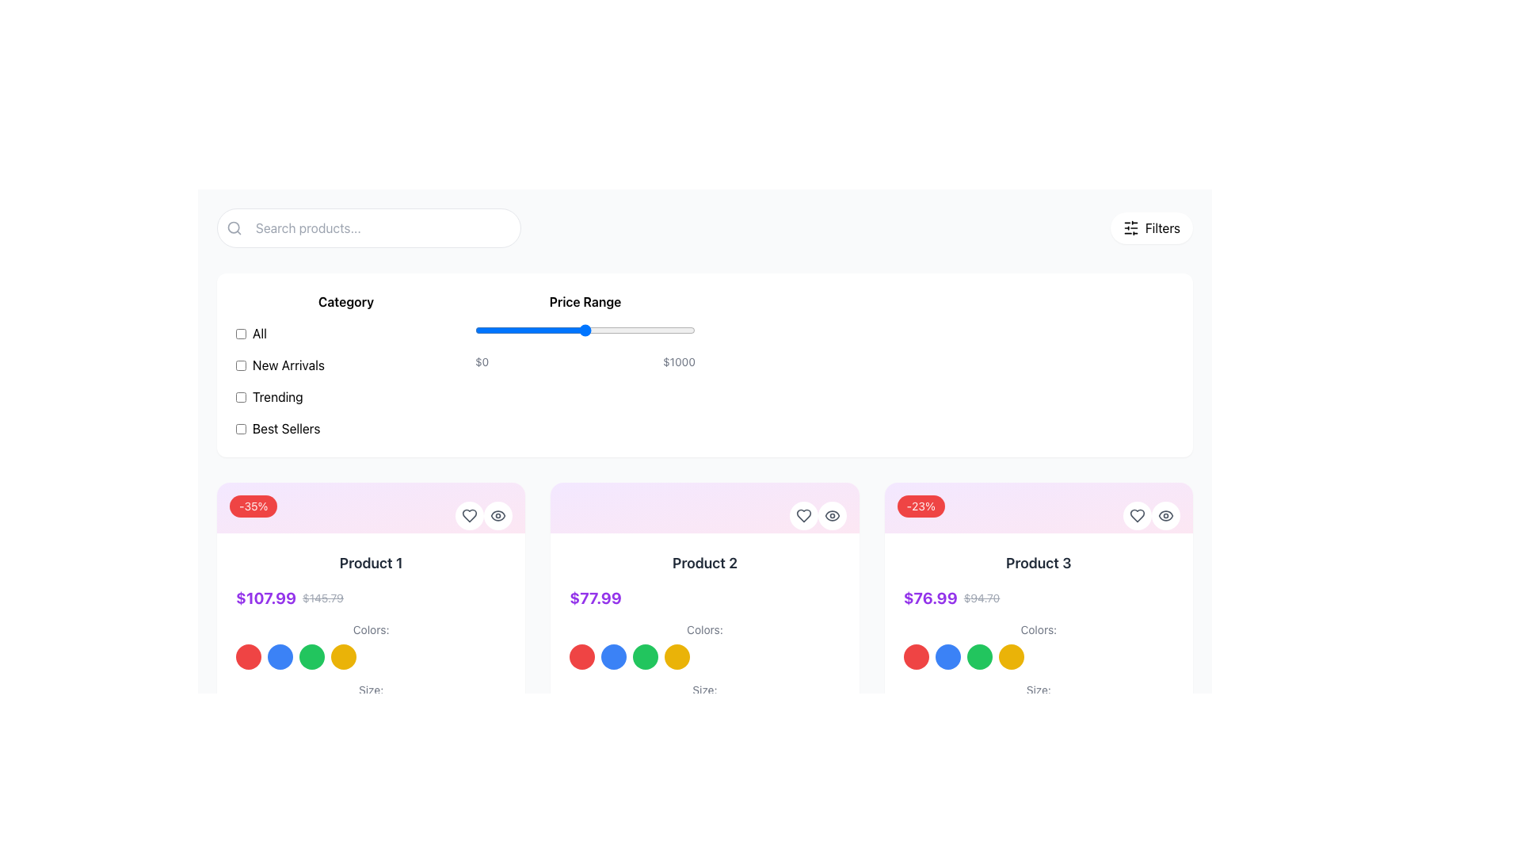 The width and height of the screenshot is (1521, 856). I want to click on the second button in the top-right corner of the product card for 'Product 3', so click(1166, 516).